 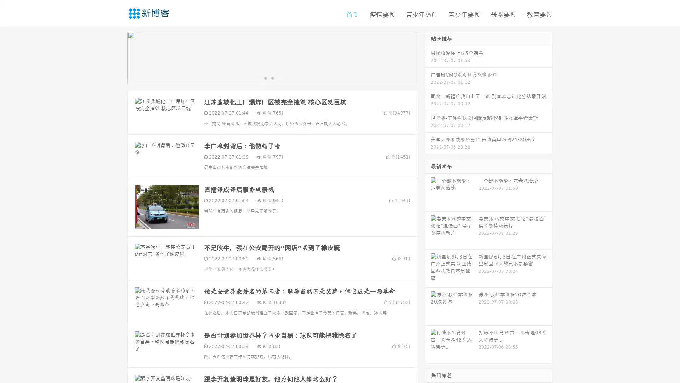 What do you see at coordinates (272, 80) in the screenshot?
I see `Go to slide 2` at bounding box center [272, 80].